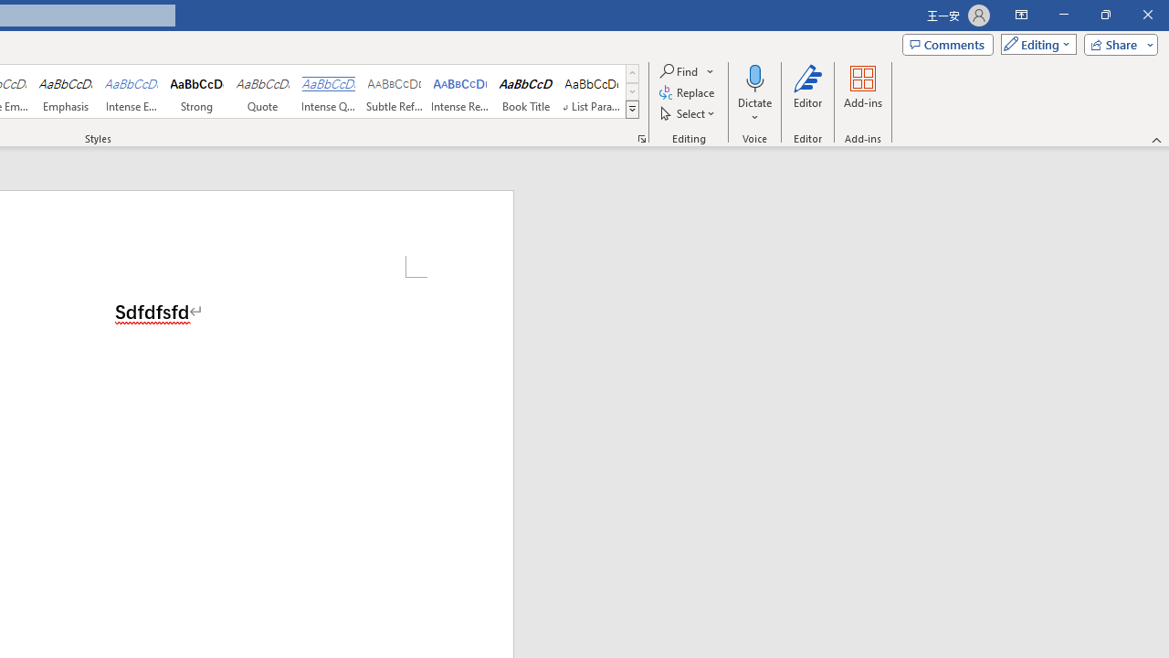  I want to click on 'Styles...', so click(641, 137).